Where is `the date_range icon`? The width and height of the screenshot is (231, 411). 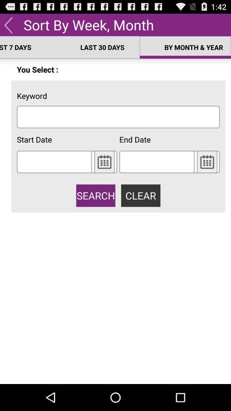
the date_range icon is located at coordinates (207, 173).